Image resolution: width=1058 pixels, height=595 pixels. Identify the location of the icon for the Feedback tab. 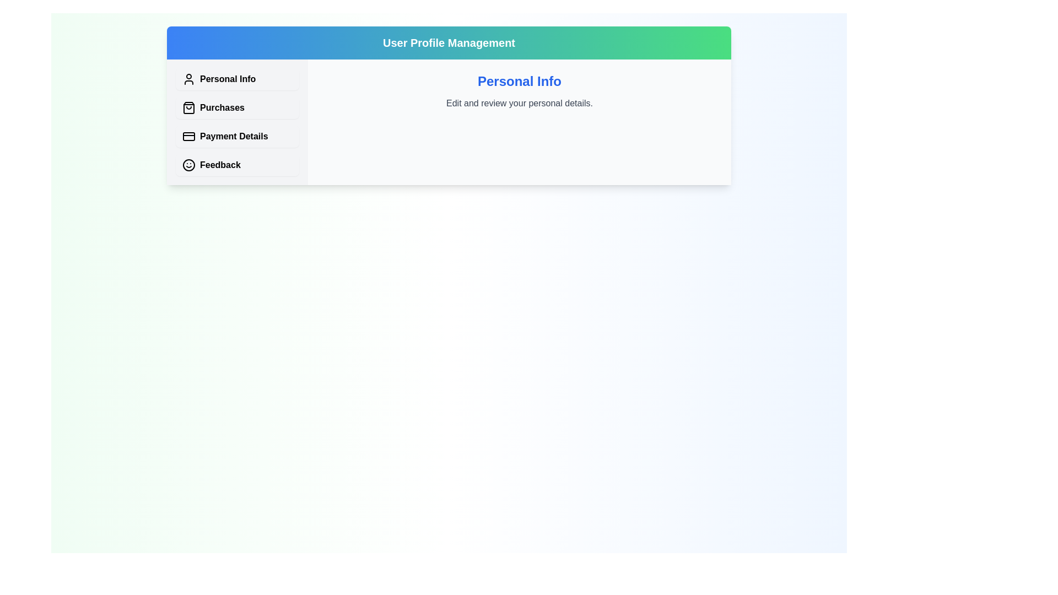
(188, 165).